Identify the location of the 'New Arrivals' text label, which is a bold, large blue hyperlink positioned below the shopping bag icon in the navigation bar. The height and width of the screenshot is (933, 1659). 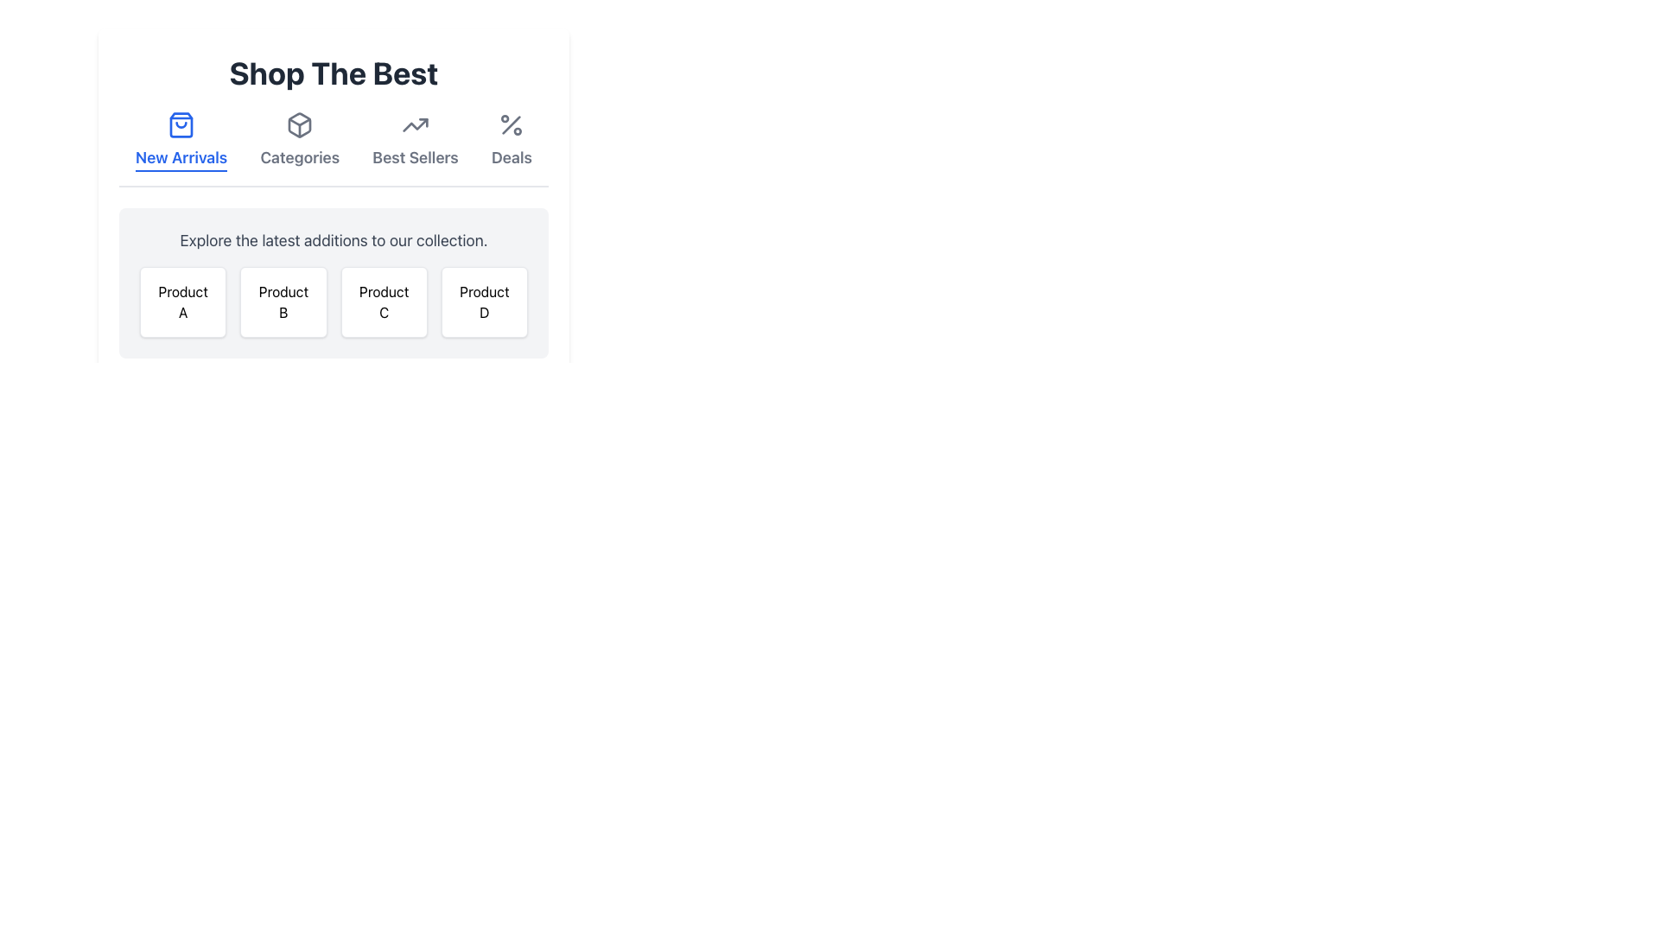
(181, 157).